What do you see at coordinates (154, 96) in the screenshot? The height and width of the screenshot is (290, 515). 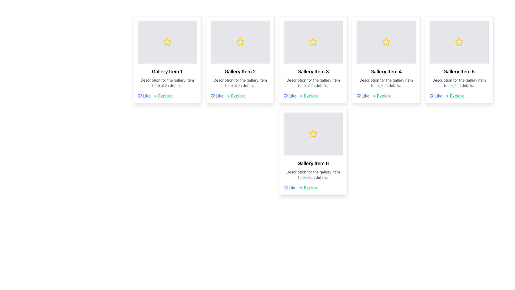 I see `the small rightward-pointing green arrow icon located next to the 'Explore' text on the button within the 'Gallery Item 1' card` at bounding box center [154, 96].